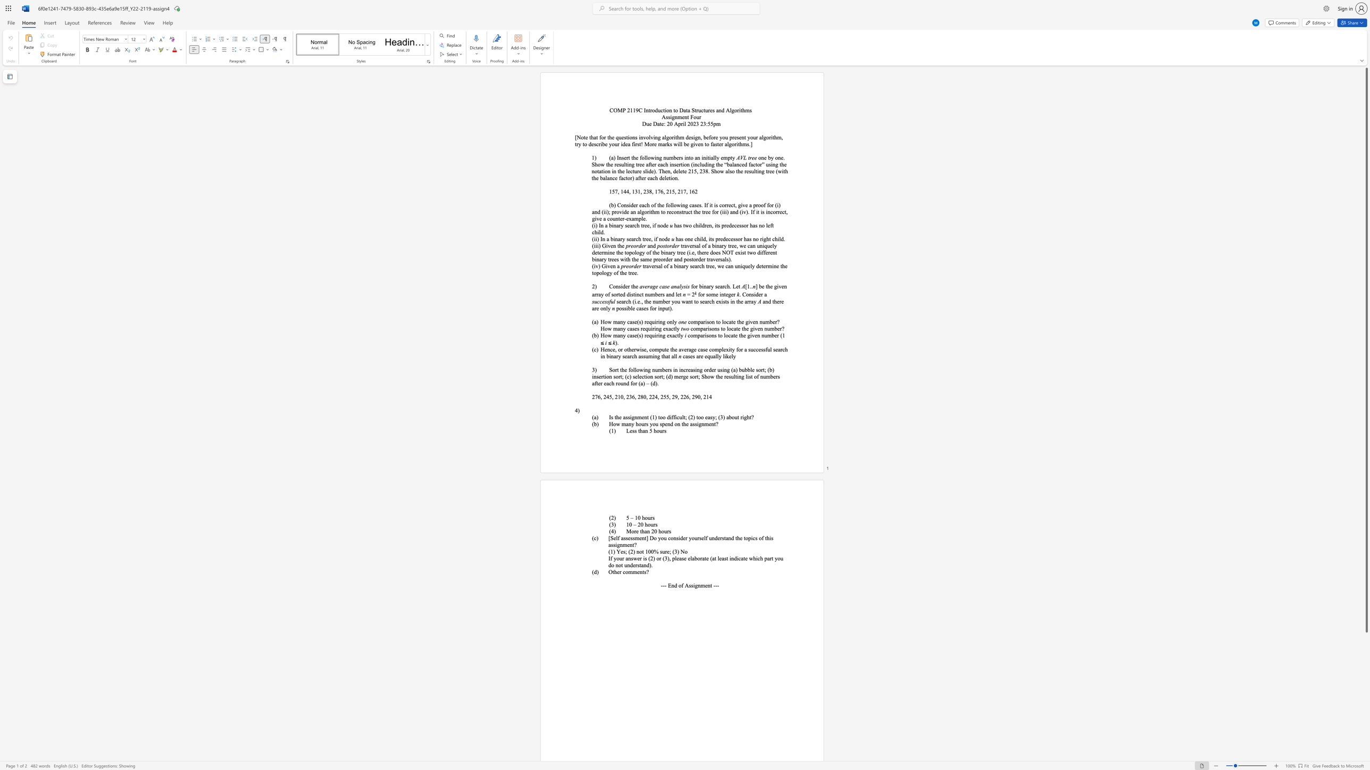  I want to click on the 2th character "o" in the text, so click(614, 294).